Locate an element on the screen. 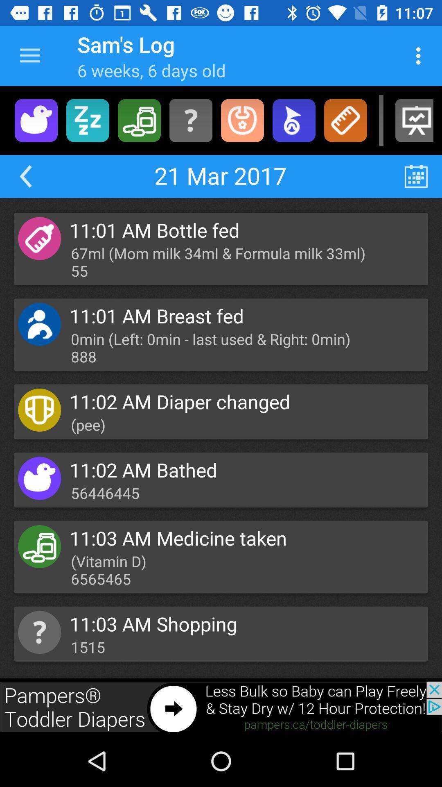  the help icon is located at coordinates (191, 120).